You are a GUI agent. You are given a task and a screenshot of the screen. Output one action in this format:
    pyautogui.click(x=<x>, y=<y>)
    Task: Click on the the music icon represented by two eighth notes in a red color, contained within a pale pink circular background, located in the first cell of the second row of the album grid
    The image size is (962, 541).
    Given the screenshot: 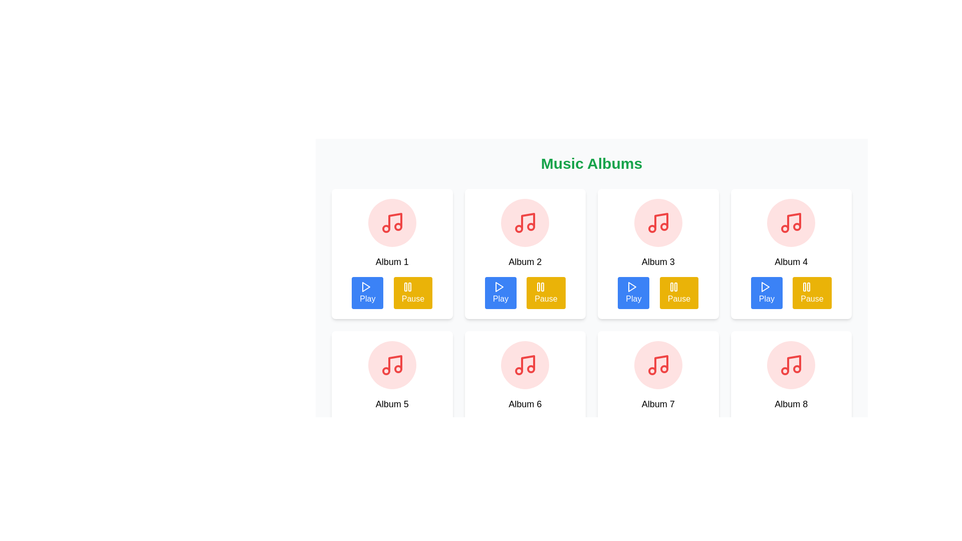 What is the action you would take?
    pyautogui.click(x=391, y=365)
    